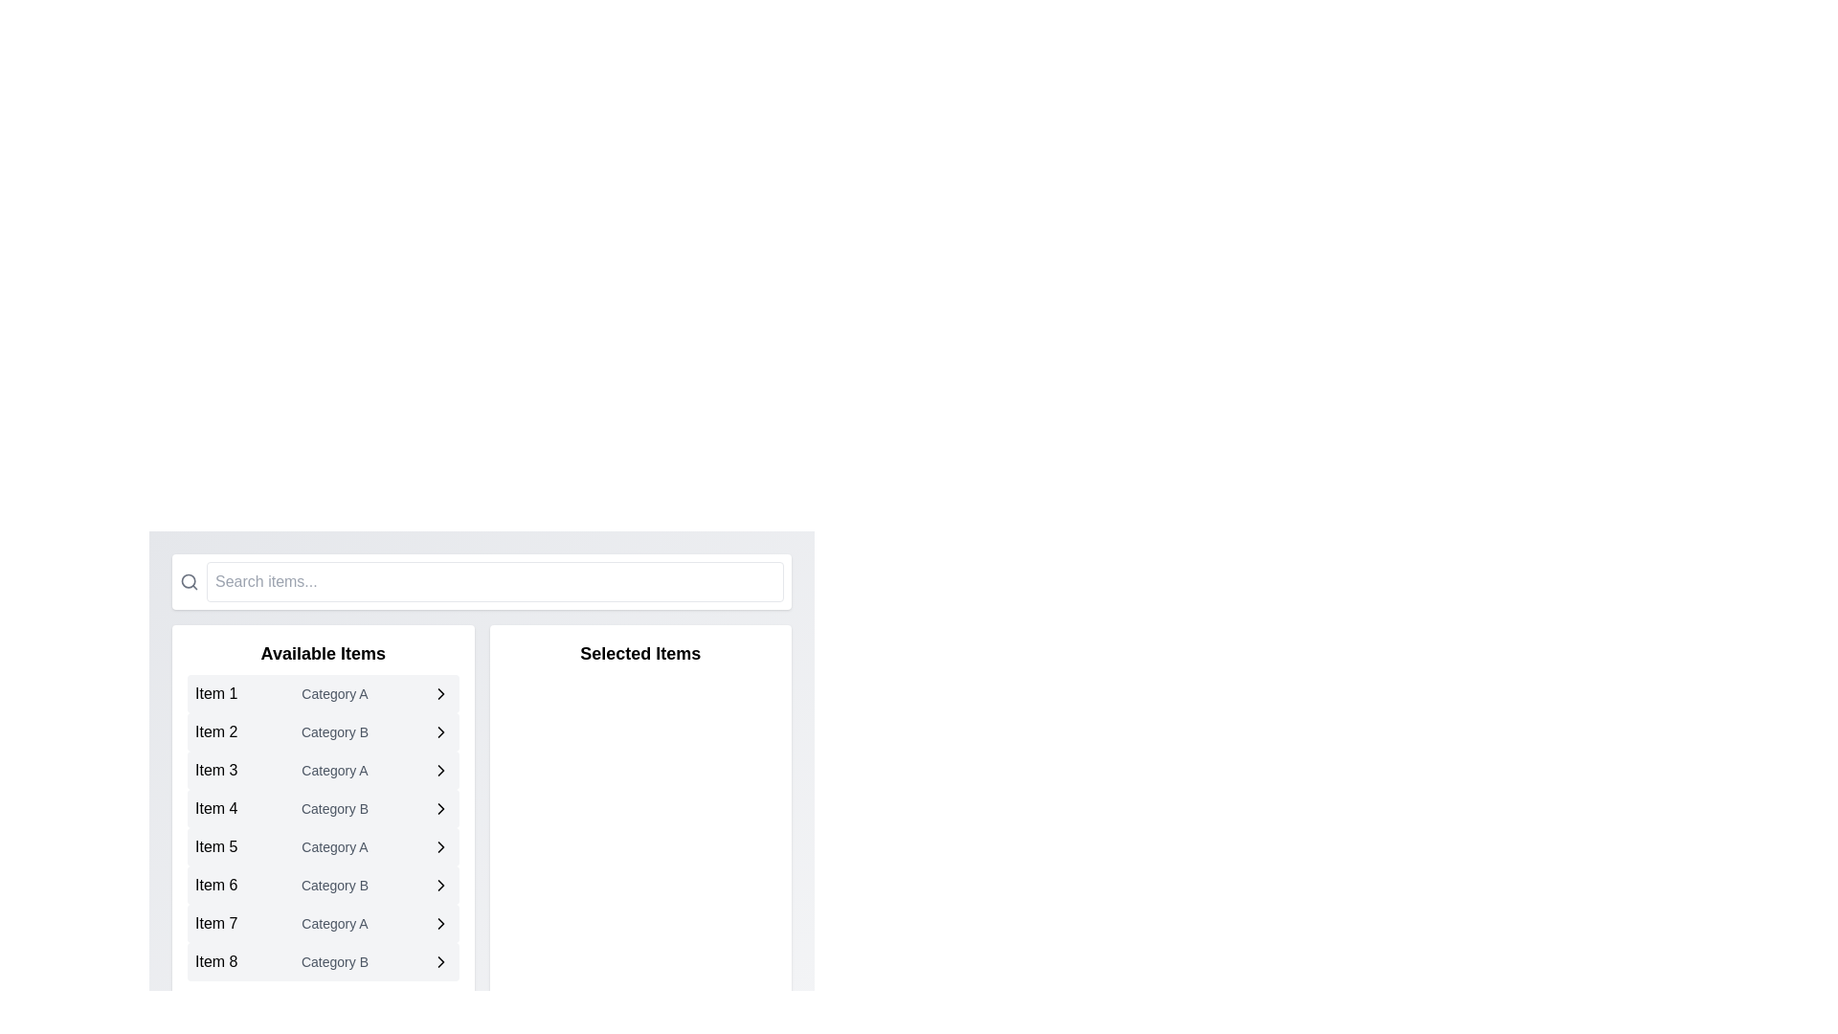  I want to click on the second text label that serves as a descriptor for 'Item 4' in the 'Available Items' list, so click(335, 808).